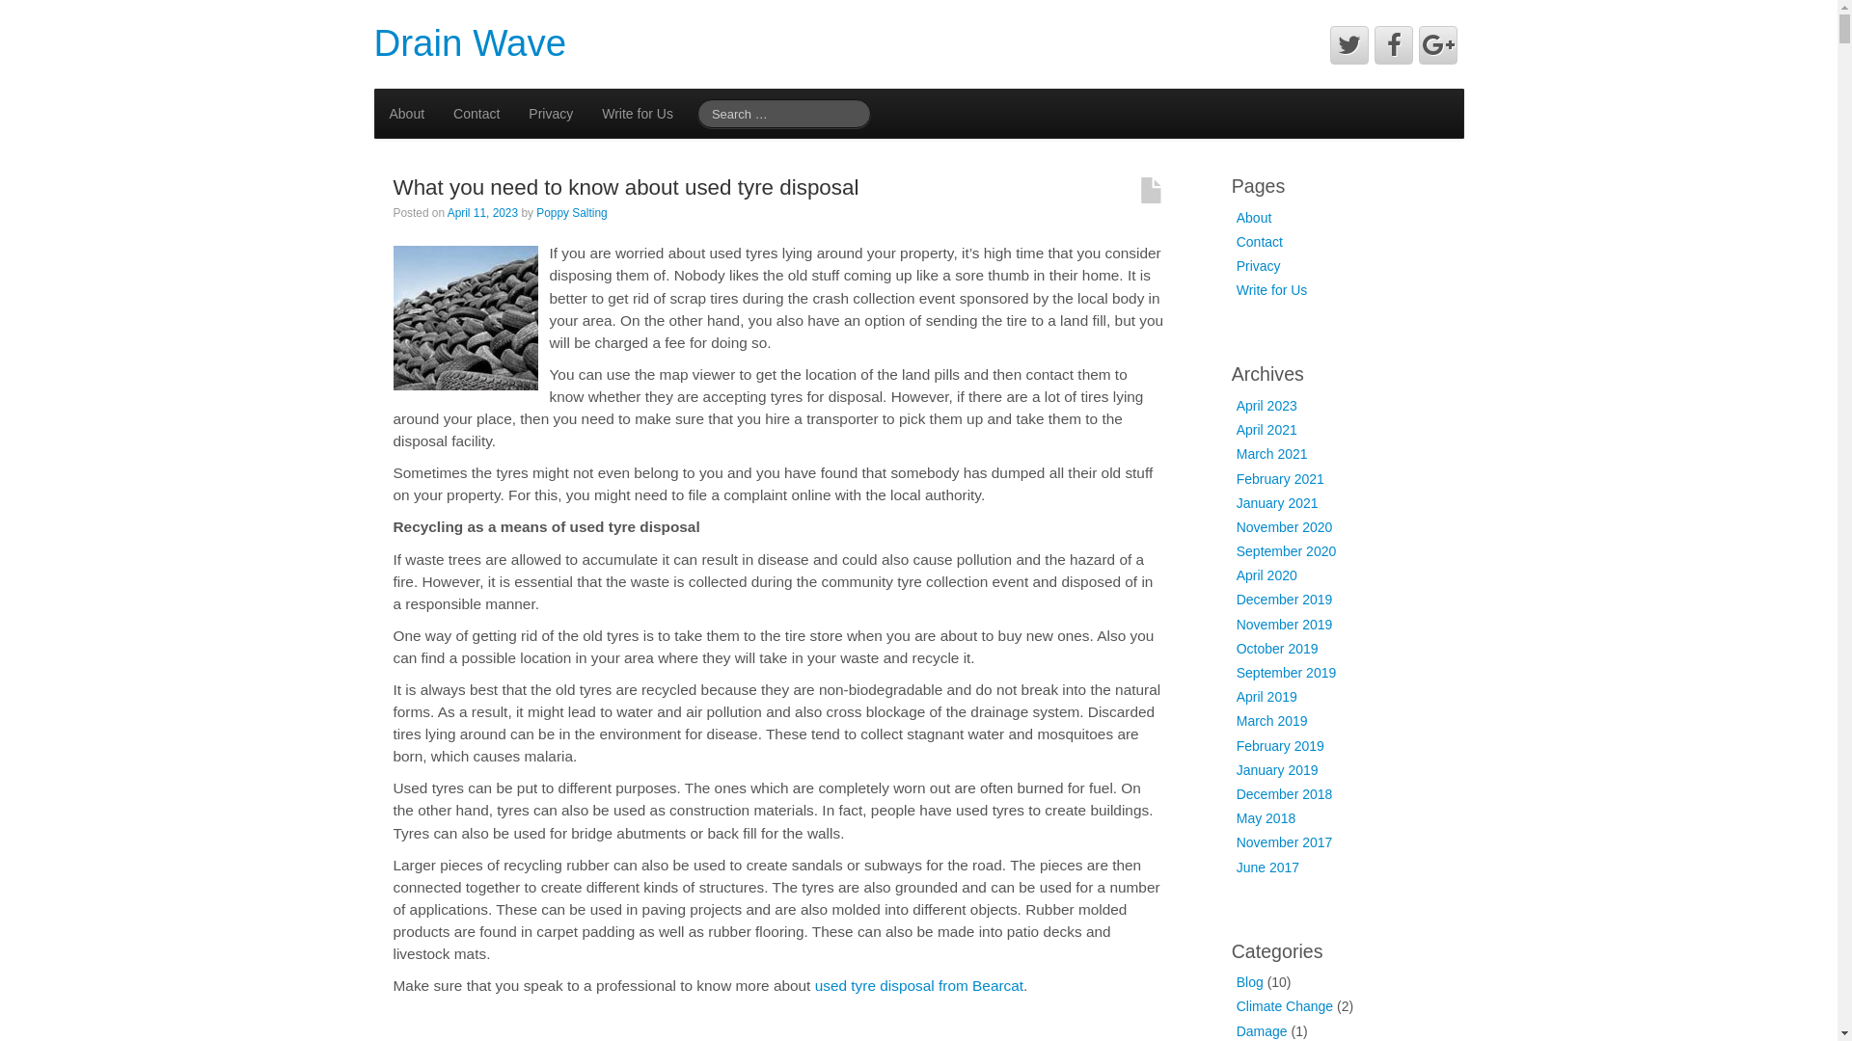 The height and width of the screenshot is (1041, 1852). What do you see at coordinates (1266, 404) in the screenshot?
I see `'April 2023'` at bounding box center [1266, 404].